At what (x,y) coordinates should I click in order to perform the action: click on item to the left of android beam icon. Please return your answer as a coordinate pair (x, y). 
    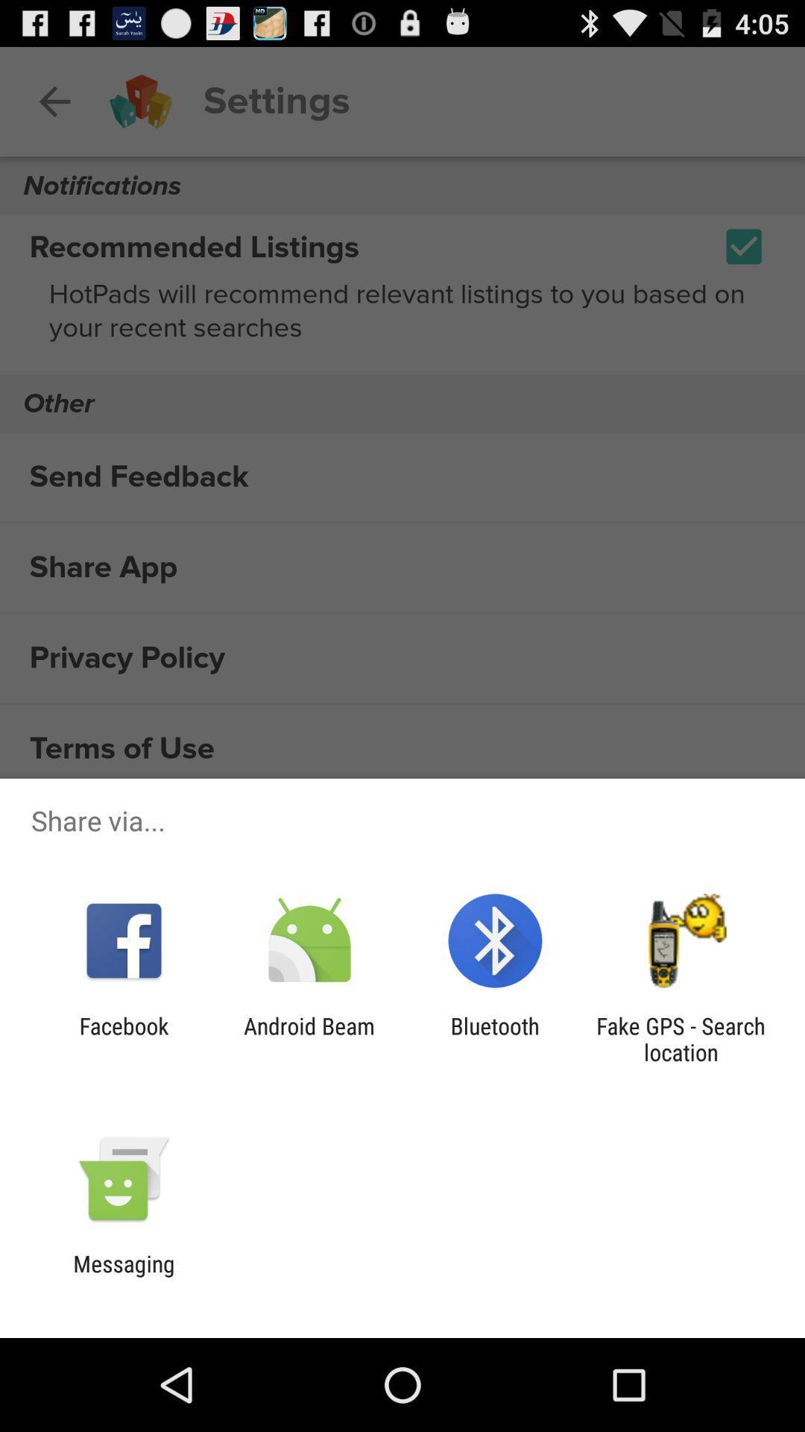
    Looking at the image, I should click on (123, 1038).